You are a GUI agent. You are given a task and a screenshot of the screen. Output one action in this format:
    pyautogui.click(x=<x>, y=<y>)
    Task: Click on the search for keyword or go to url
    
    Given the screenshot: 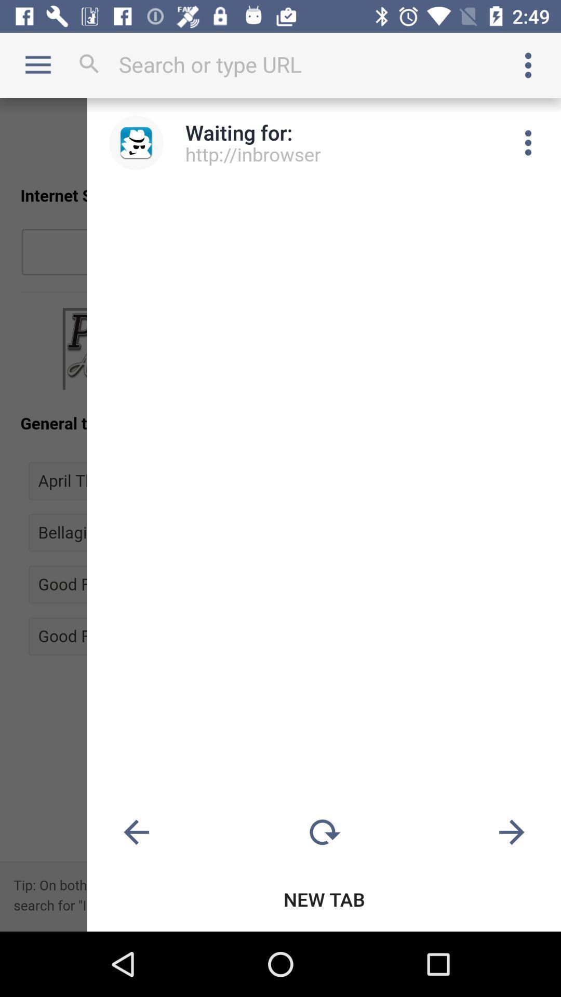 What is the action you would take?
    pyautogui.click(x=280, y=64)
    